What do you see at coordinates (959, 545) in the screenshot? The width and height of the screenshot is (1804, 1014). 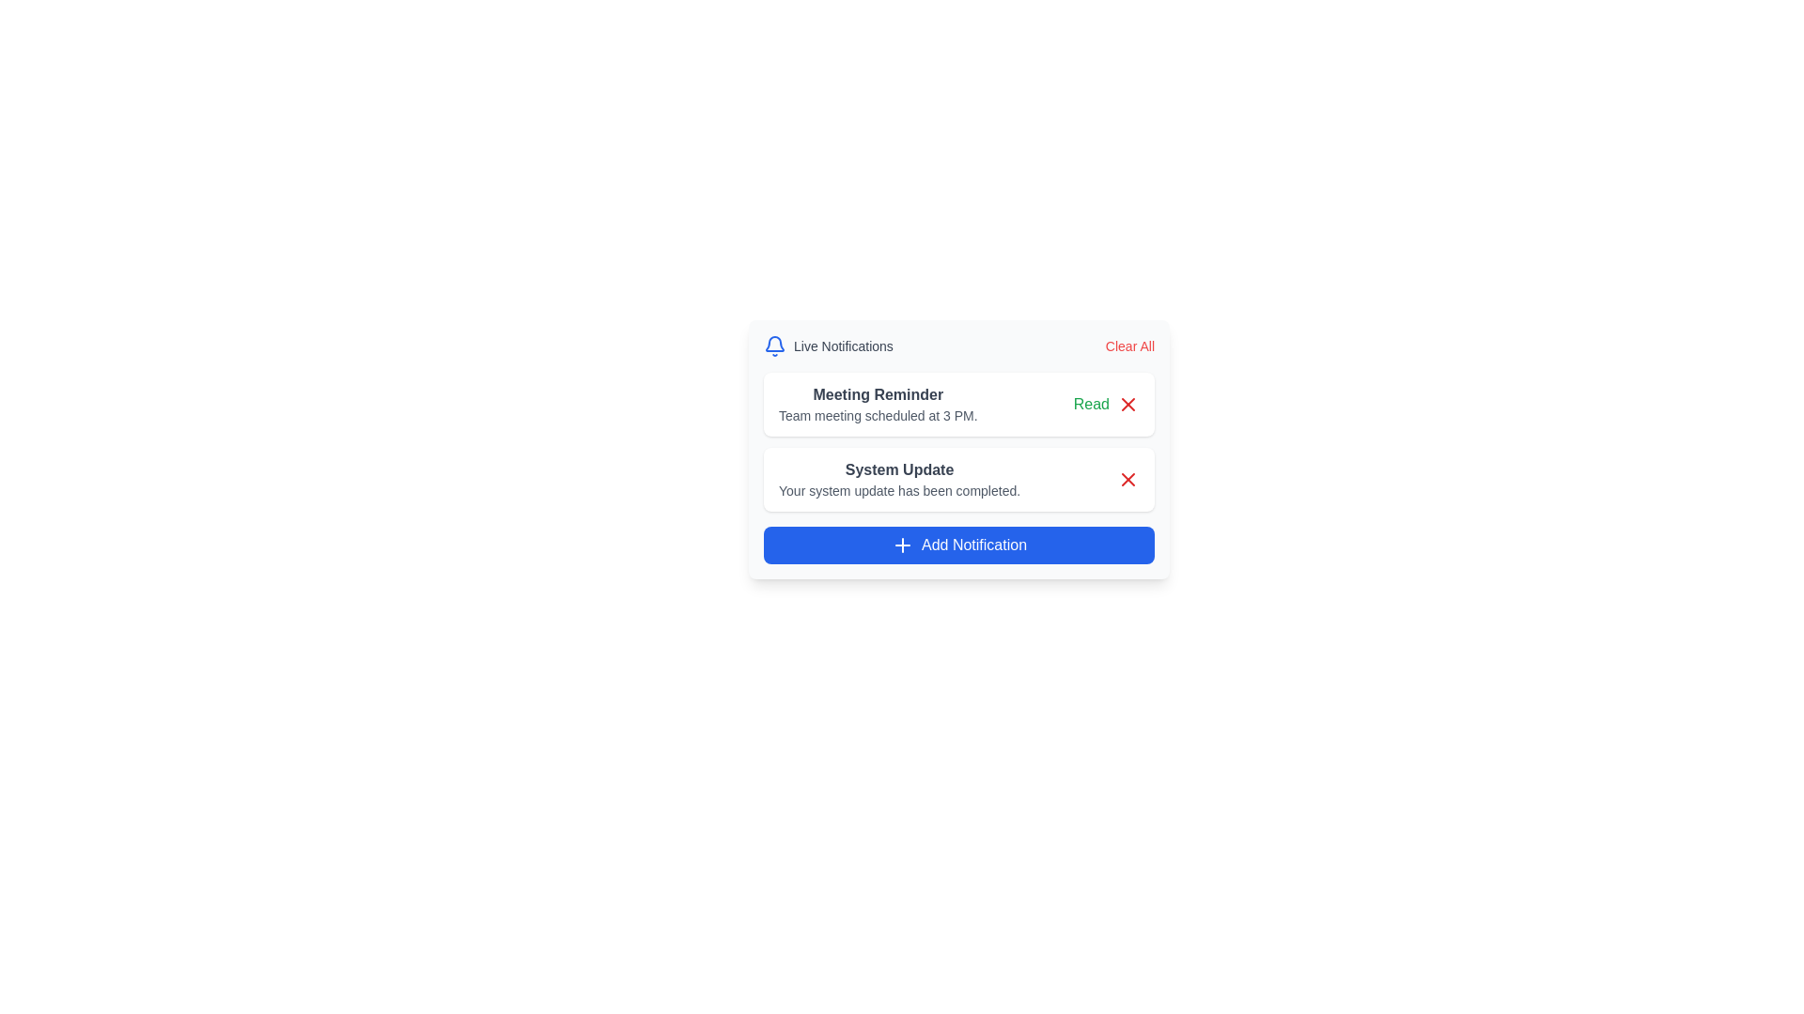 I see `the button that adds a new notification, located at the bottom of the notification list, to observe a color change` at bounding box center [959, 545].